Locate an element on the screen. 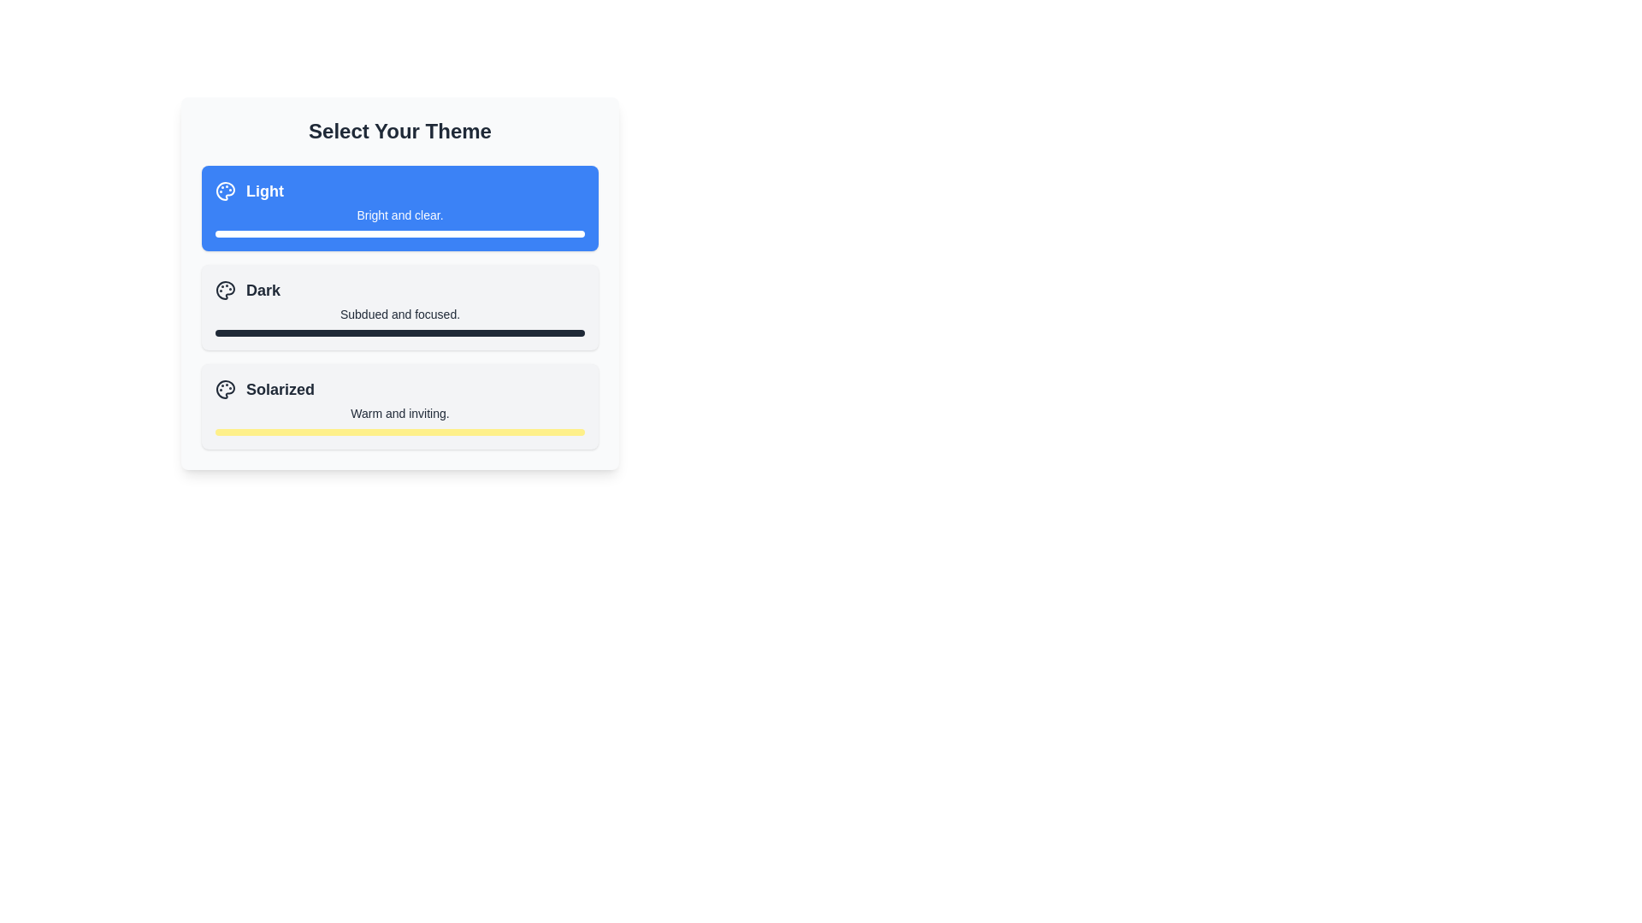  the 'Light' selectable theme card at the top of the 'Select Your Theme' section is located at coordinates (399, 207).